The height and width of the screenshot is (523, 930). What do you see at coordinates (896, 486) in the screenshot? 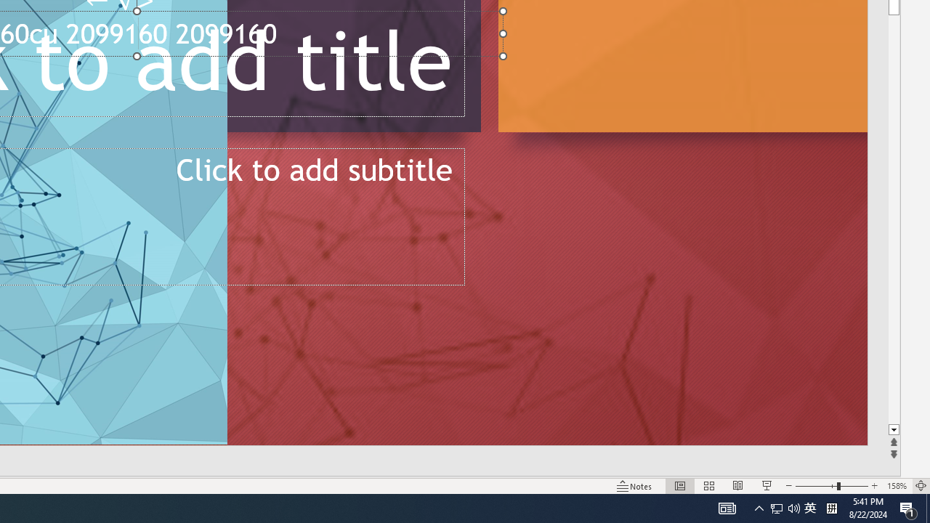
I see `'Zoom 158%'` at bounding box center [896, 486].